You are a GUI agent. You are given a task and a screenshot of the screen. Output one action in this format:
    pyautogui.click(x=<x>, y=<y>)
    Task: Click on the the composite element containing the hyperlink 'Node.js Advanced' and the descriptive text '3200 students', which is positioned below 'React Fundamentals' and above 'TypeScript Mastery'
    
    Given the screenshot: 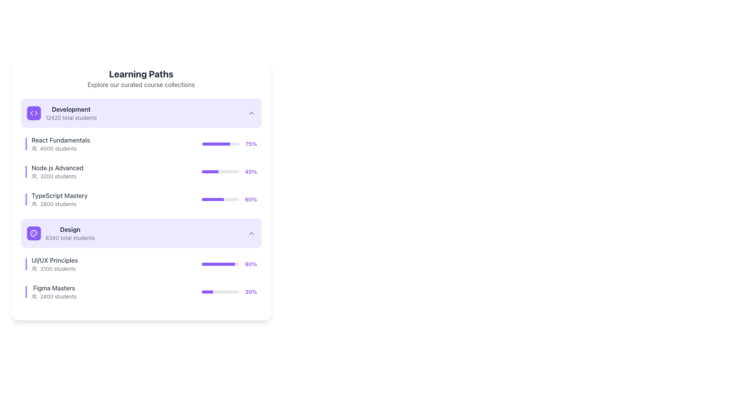 What is the action you would take?
    pyautogui.click(x=54, y=171)
    